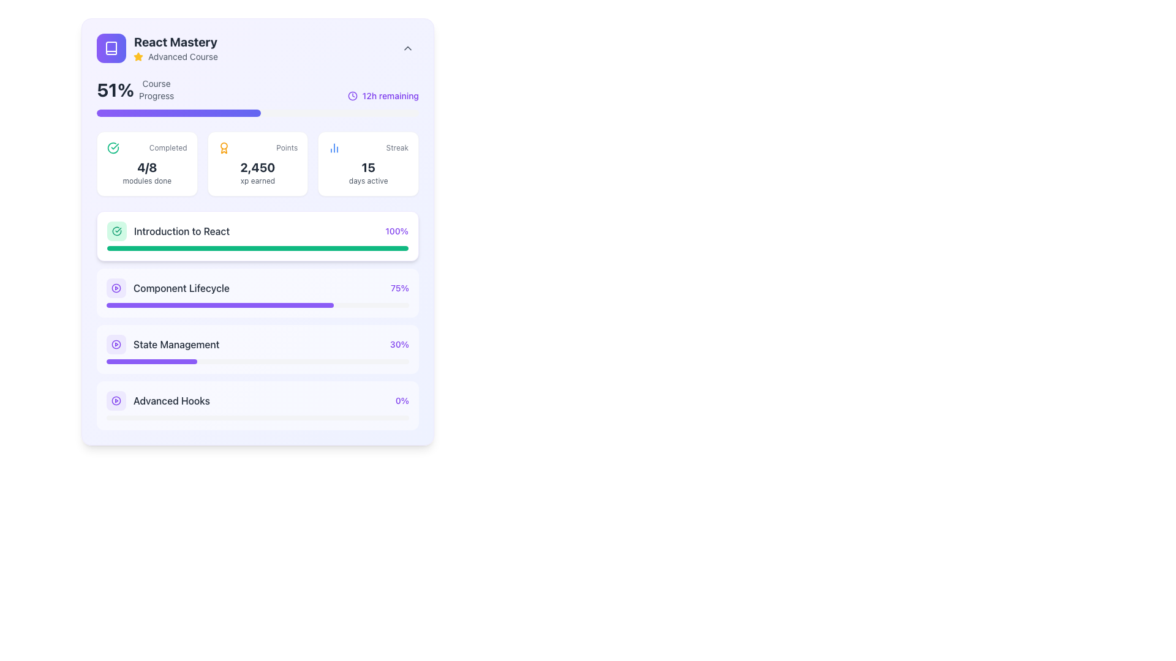  What do you see at coordinates (176, 345) in the screenshot?
I see `the Text Label displaying 'State Management' which is the third module title in the list of course modules, positioned below 'Component Lifecycle' and above 'Advanced Hooks'` at bounding box center [176, 345].